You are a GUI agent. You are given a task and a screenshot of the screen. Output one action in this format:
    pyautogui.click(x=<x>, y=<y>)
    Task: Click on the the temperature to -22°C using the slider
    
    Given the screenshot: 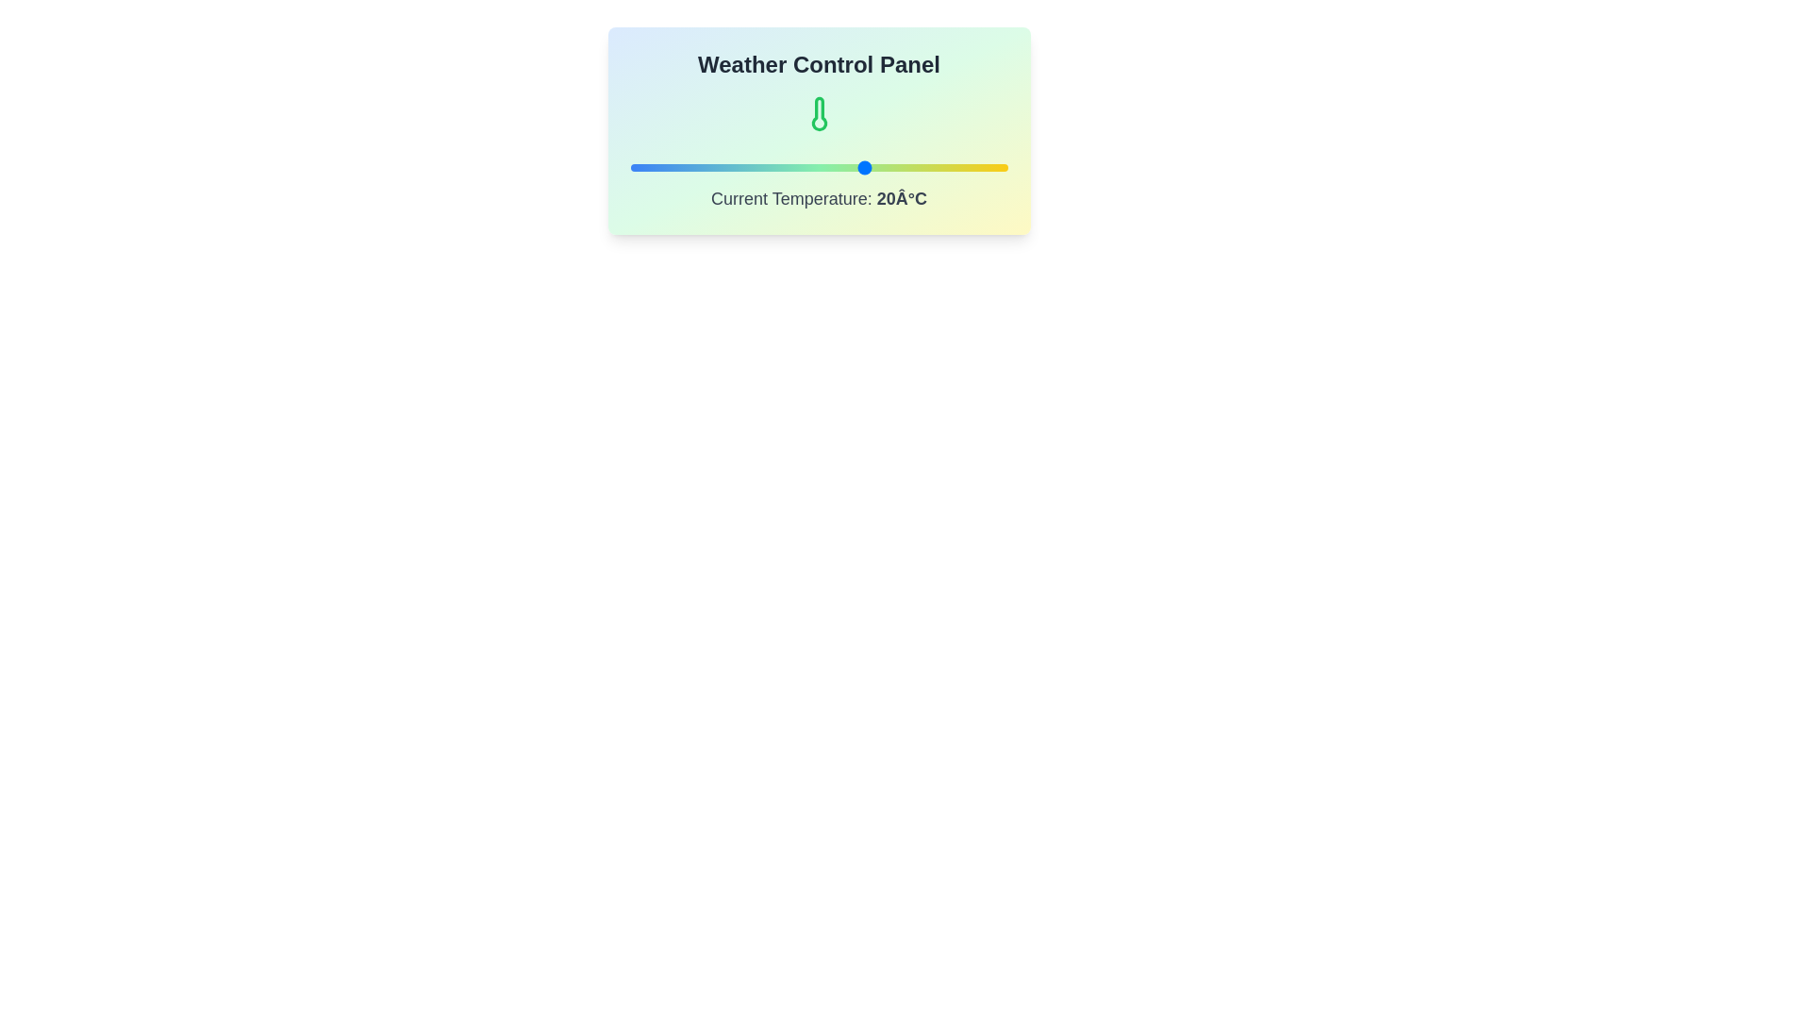 What is the action you would take?
    pyautogui.click(x=668, y=166)
    